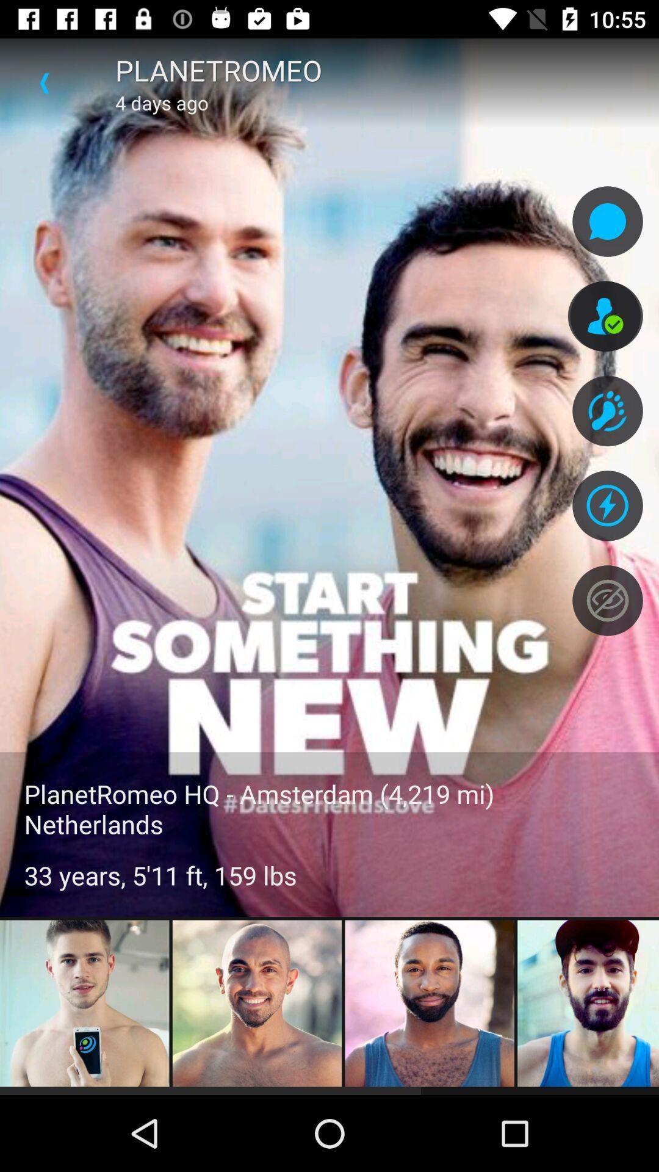 Image resolution: width=659 pixels, height=1172 pixels. Describe the element at coordinates (607, 222) in the screenshot. I see `the chat icon` at that location.